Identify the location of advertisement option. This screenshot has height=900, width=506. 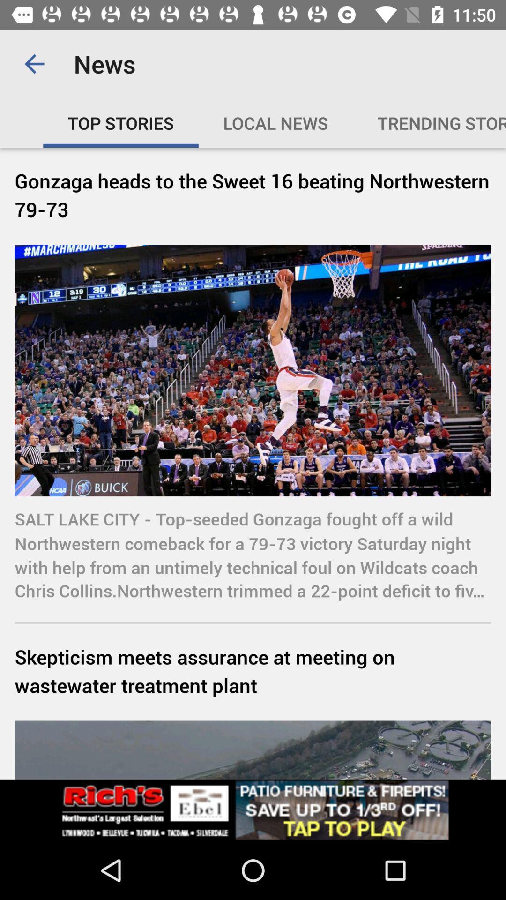
(253, 810).